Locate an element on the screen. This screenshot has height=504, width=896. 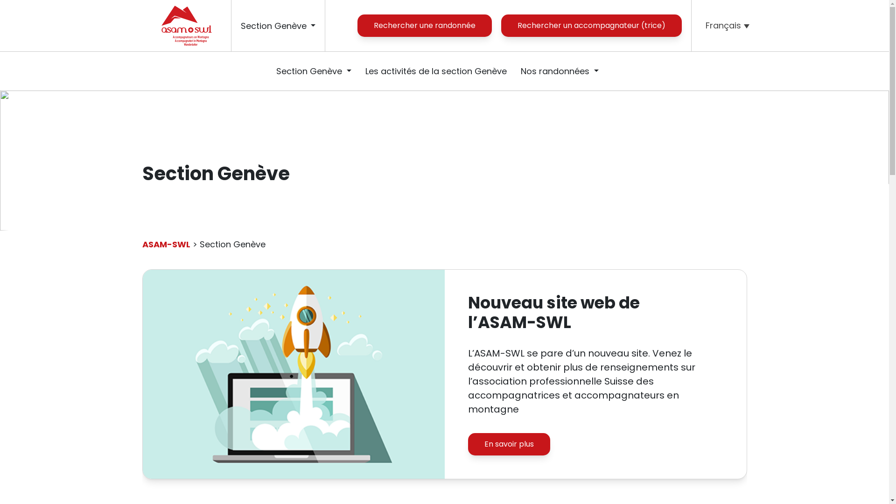
'ASAM-SWL' is located at coordinates (166, 244).